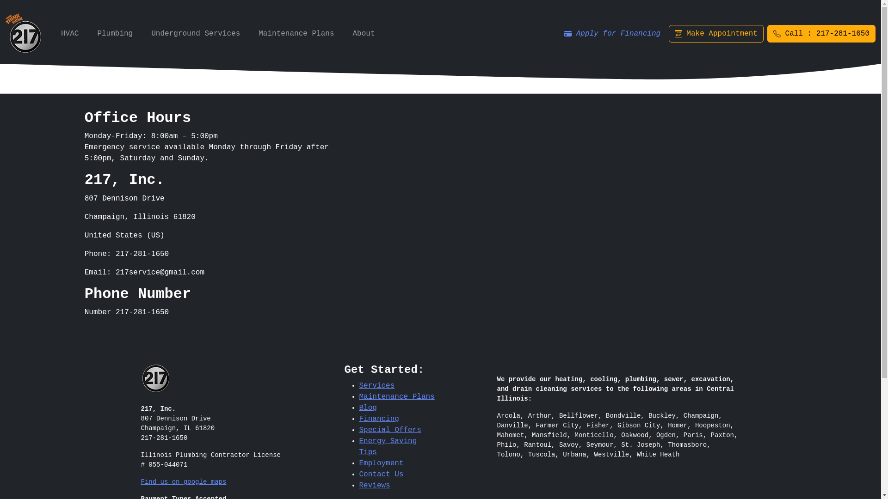 The width and height of the screenshot is (888, 499). I want to click on 'Employment', so click(358, 463).